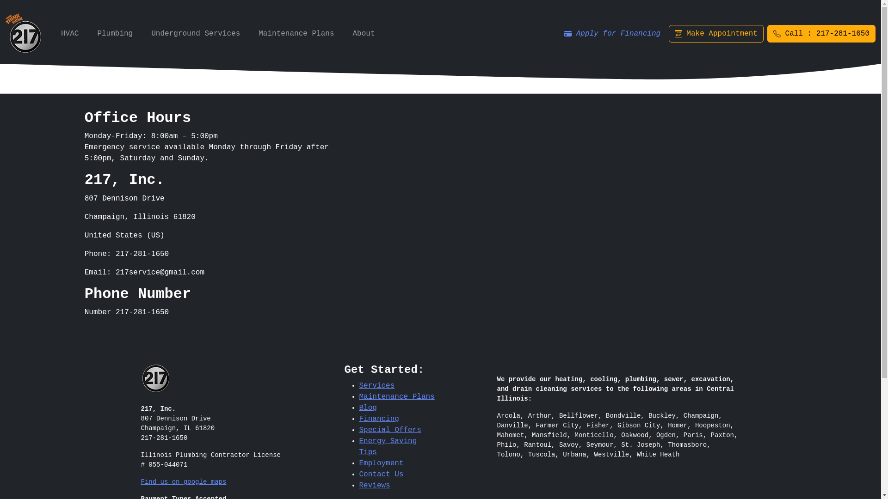 The width and height of the screenshot is (888, 499). I want to click on 'Employment', so click(358, 463).